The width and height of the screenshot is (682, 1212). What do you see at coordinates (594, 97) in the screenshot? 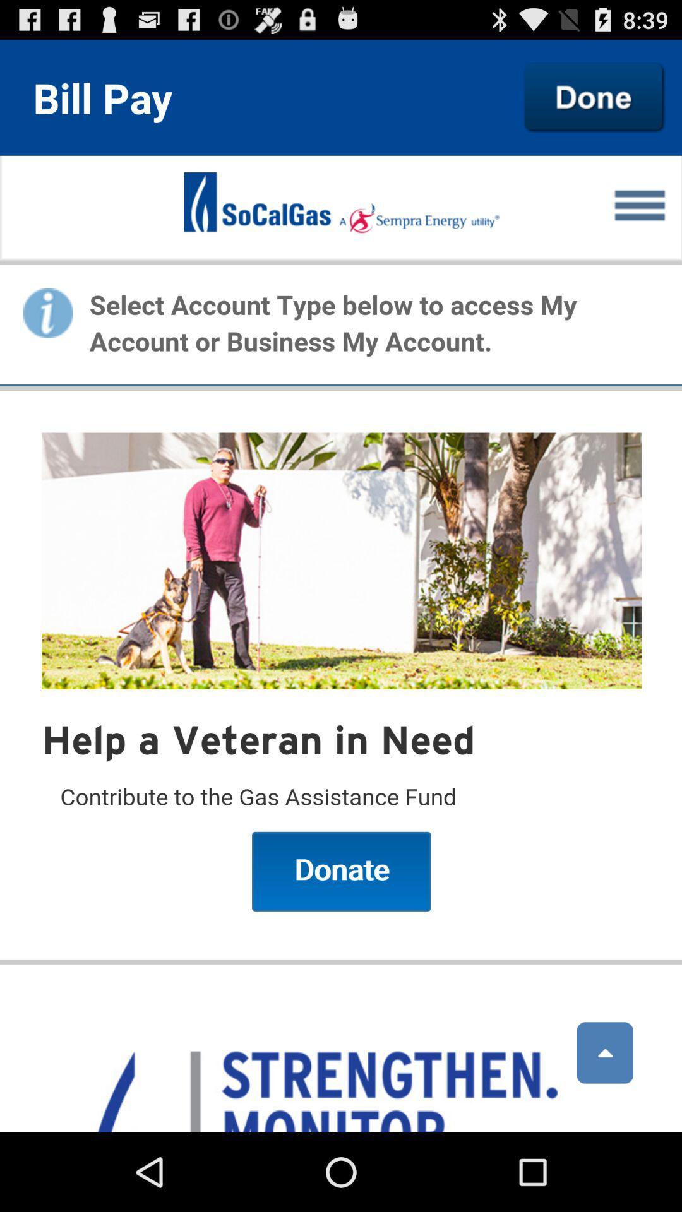
I see `done` at bounding box center [594, 97].